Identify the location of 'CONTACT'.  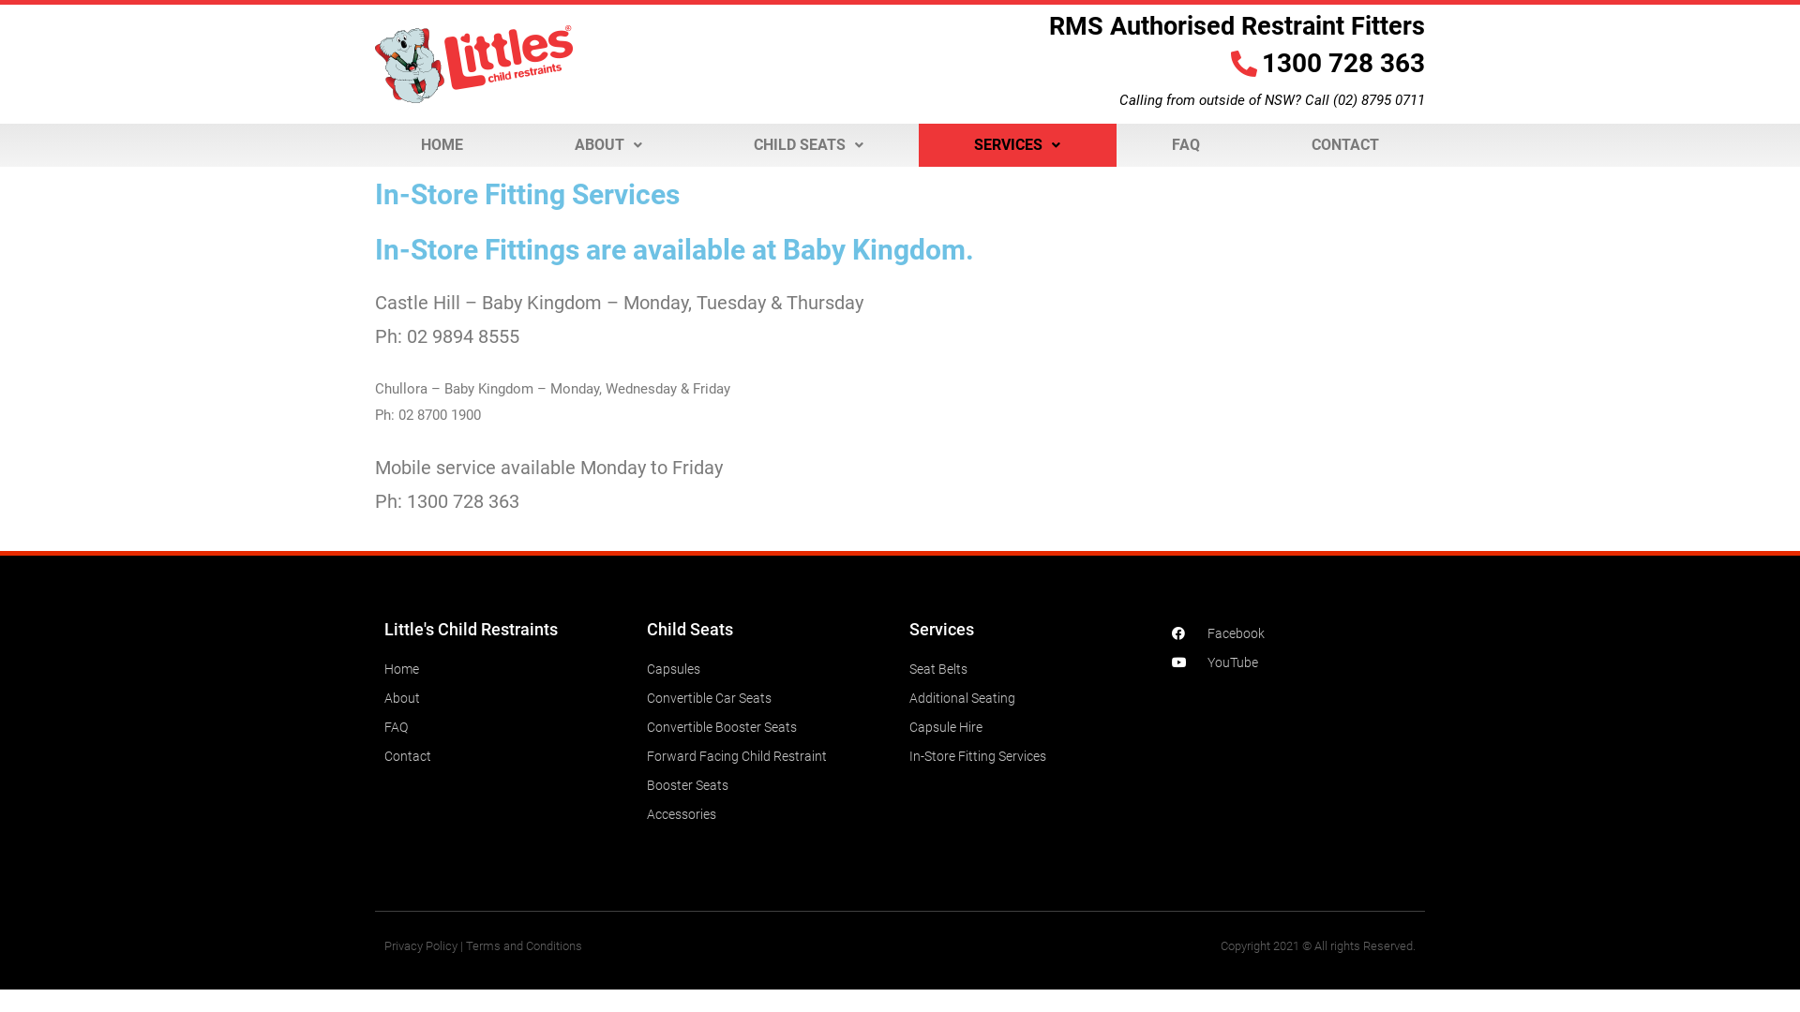
(1343, 143).